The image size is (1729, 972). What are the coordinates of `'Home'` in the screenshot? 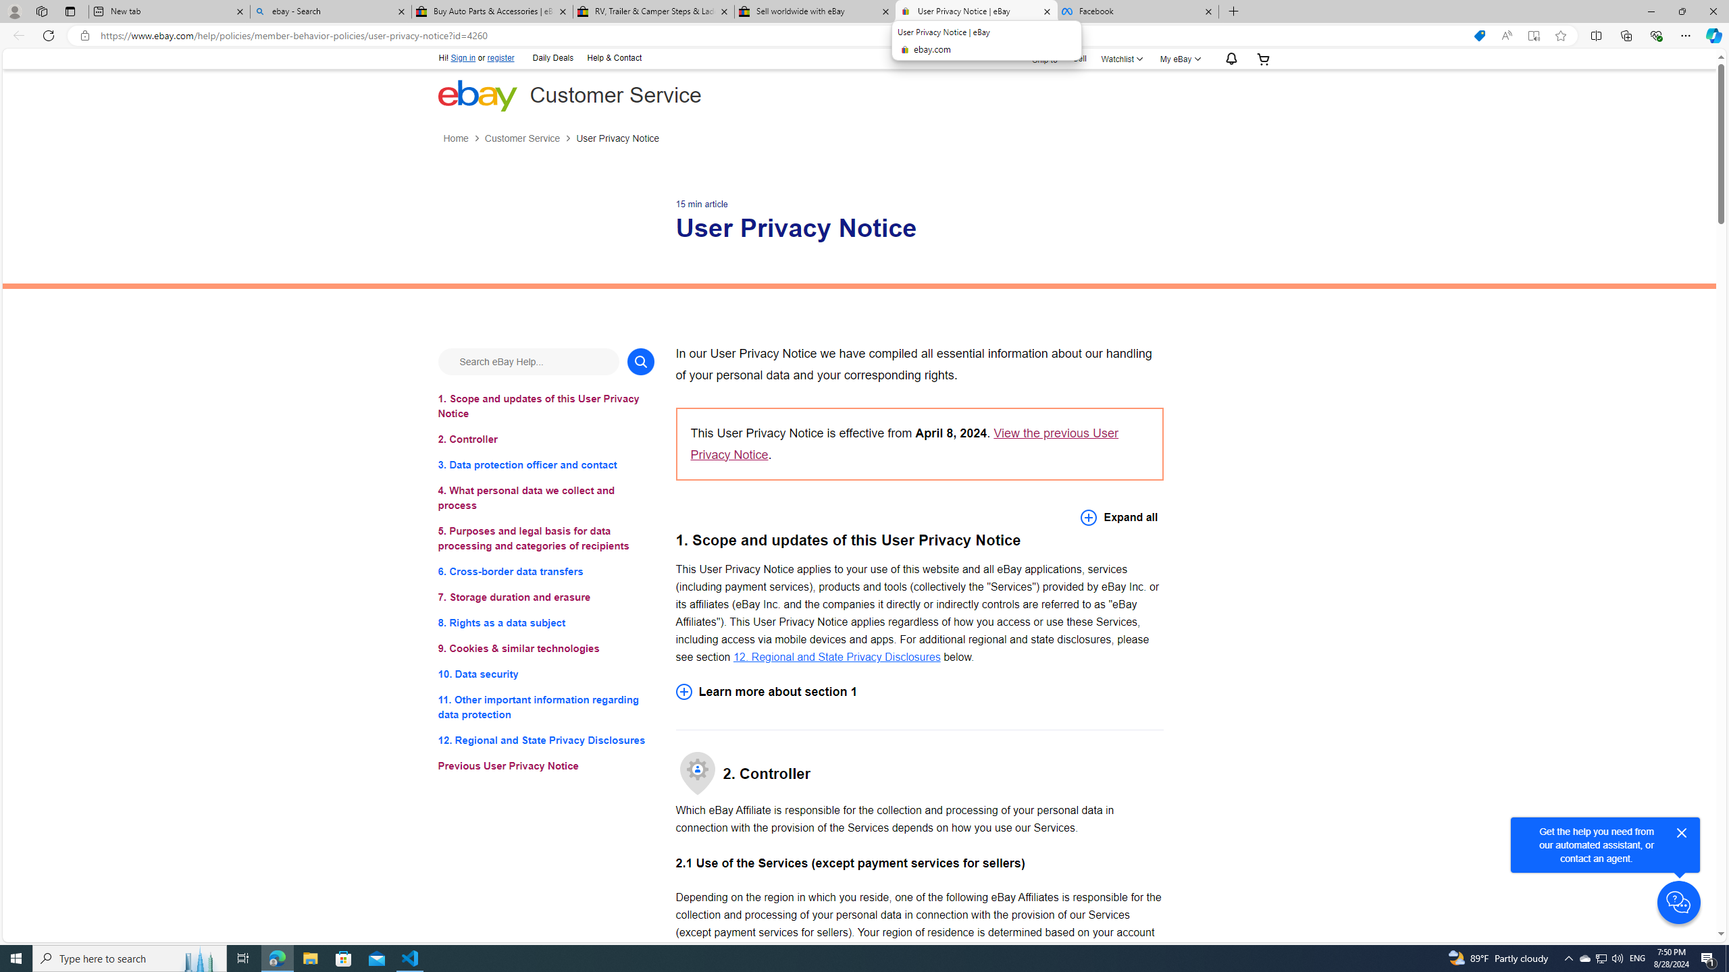 It's located at (455, 138).